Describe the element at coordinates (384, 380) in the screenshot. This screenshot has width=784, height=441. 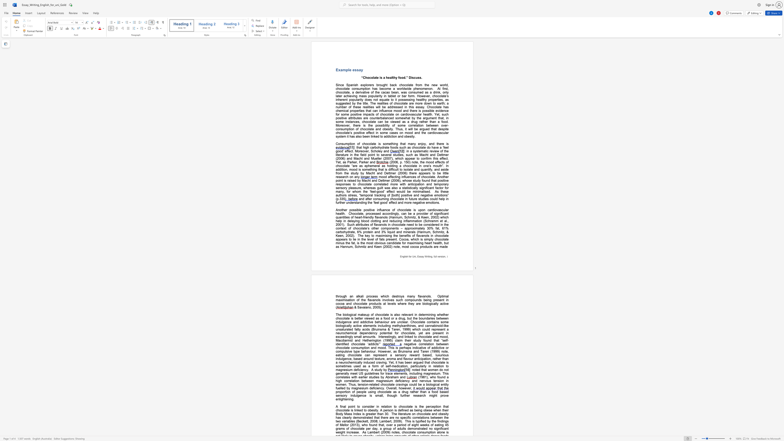
I see `the subset text "esiu" within the text "(1981), who found a high correlation between magnesium deficiency and nervous tension in women. Thus, tension-related chocolate cravings could be a biological entity fuelled by magnesium deficiency. Overall, however,"` at that location.